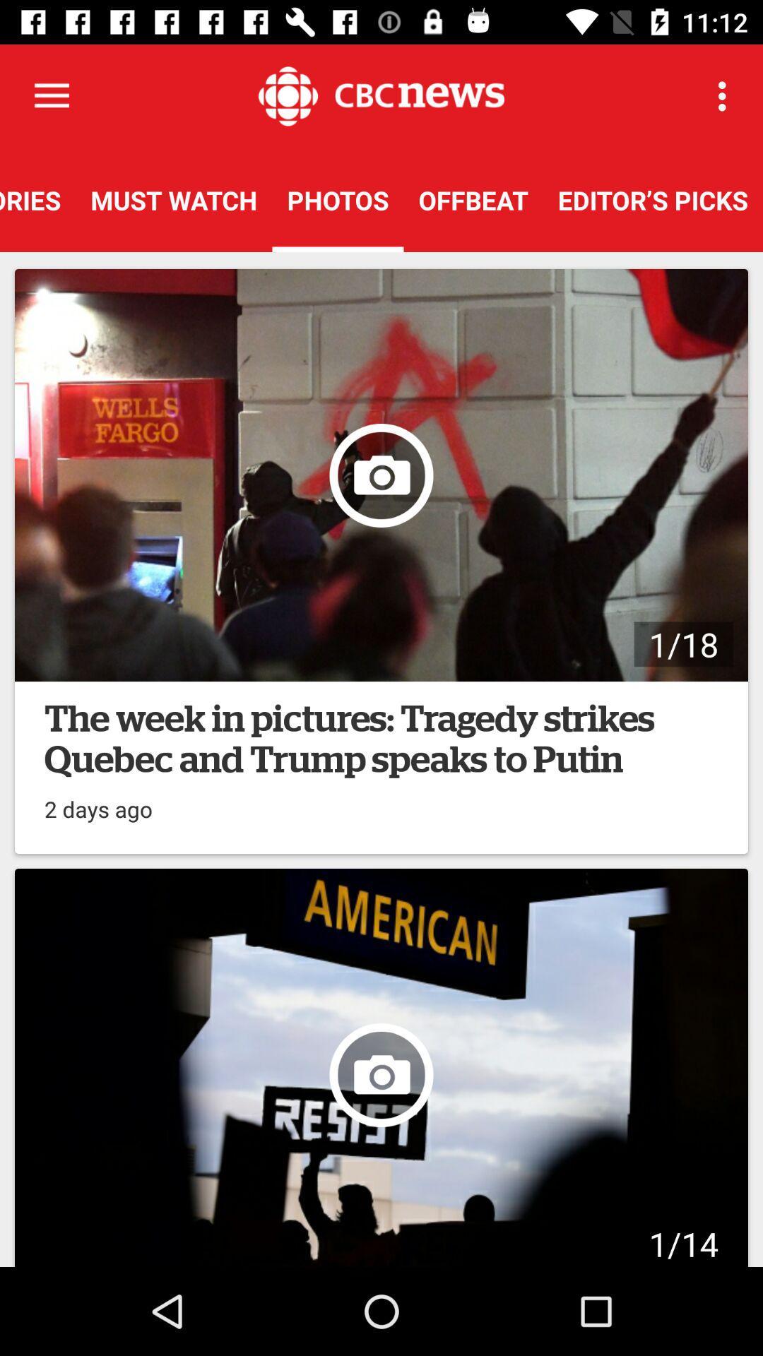 Image resolution: width=763 pixels, height=1356 pixels. Describe the element at coordinates (338, 199) in the screenshot. I see `the item next to the must watch icon` at that location.